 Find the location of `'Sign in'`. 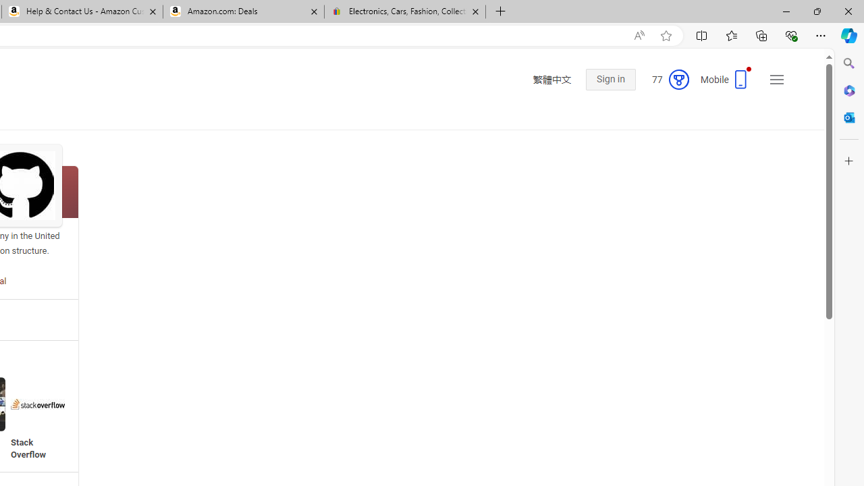

'Sign in' is located at coordinates (610, 80).